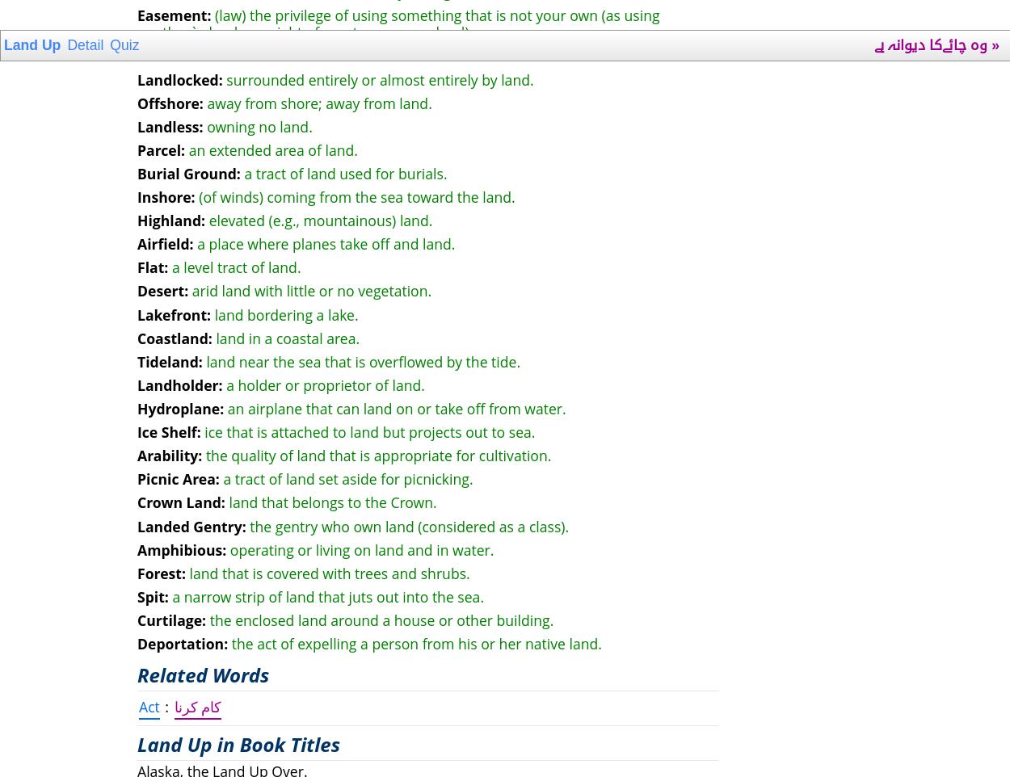 This screenshot has width=1010, height=777. Describe the element at coordinates (229, 548) in the screenshot. I see `'operating or living on land and in water.'` at that location.